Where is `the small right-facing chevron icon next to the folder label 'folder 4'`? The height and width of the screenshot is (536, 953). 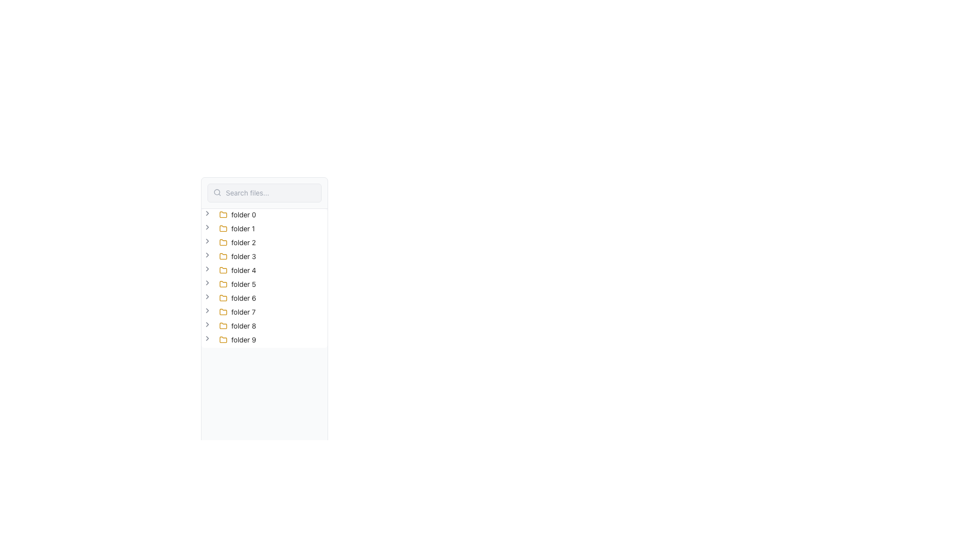 the small right-facing chevron icon next to the folder label 'folder 4' is located at coordinates (206, 270).